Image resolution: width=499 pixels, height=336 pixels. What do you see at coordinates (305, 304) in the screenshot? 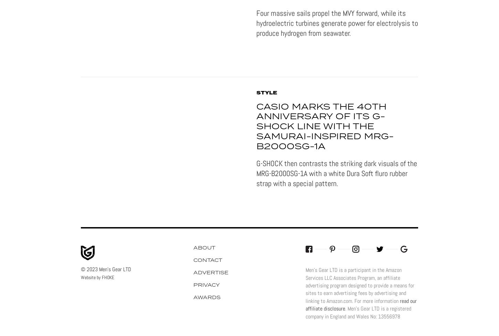
I see `'read our affiliate disclosure'` at bounding box center [305, 304].